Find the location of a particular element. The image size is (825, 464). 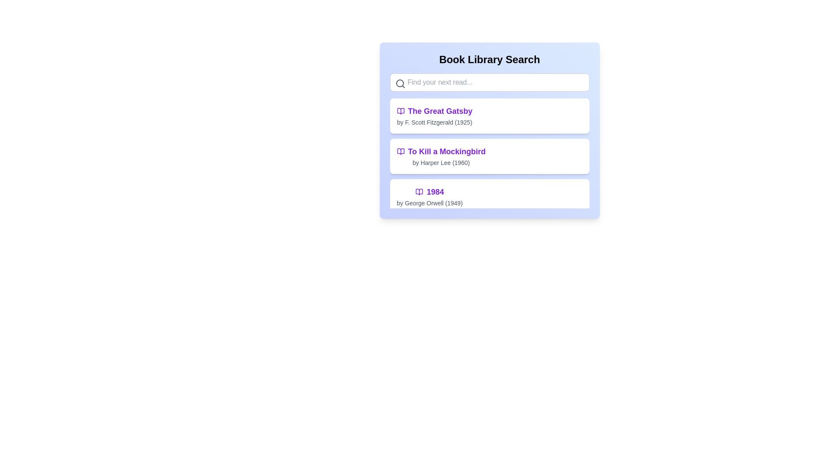

the dark purple icon resembling an open book, located to the left of the text '1984', which identifies the book item in the list is located at coordinates (419, 192).